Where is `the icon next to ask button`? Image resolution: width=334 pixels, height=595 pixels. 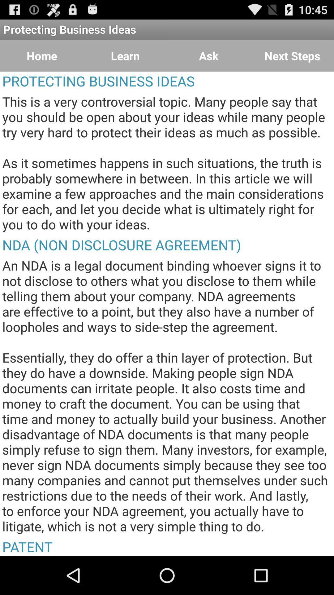
the icon next to ask button is located at coordinates (292, 56).